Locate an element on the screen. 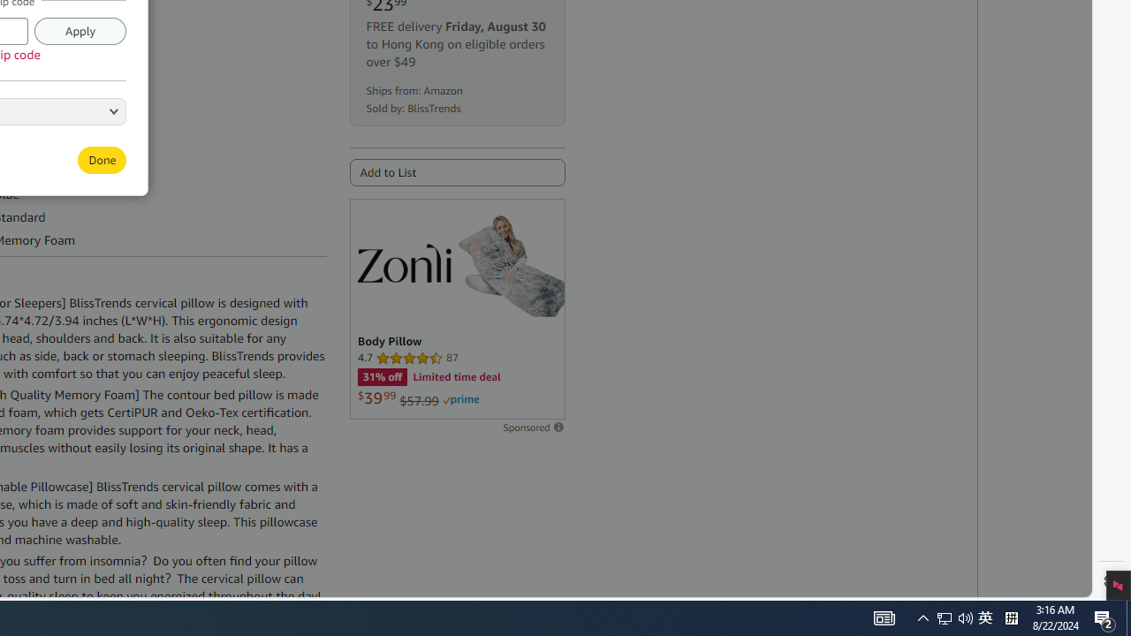 This screenshot has width=1131, height=636. 'Sponsored ad' is located at coordinates (457, 307).